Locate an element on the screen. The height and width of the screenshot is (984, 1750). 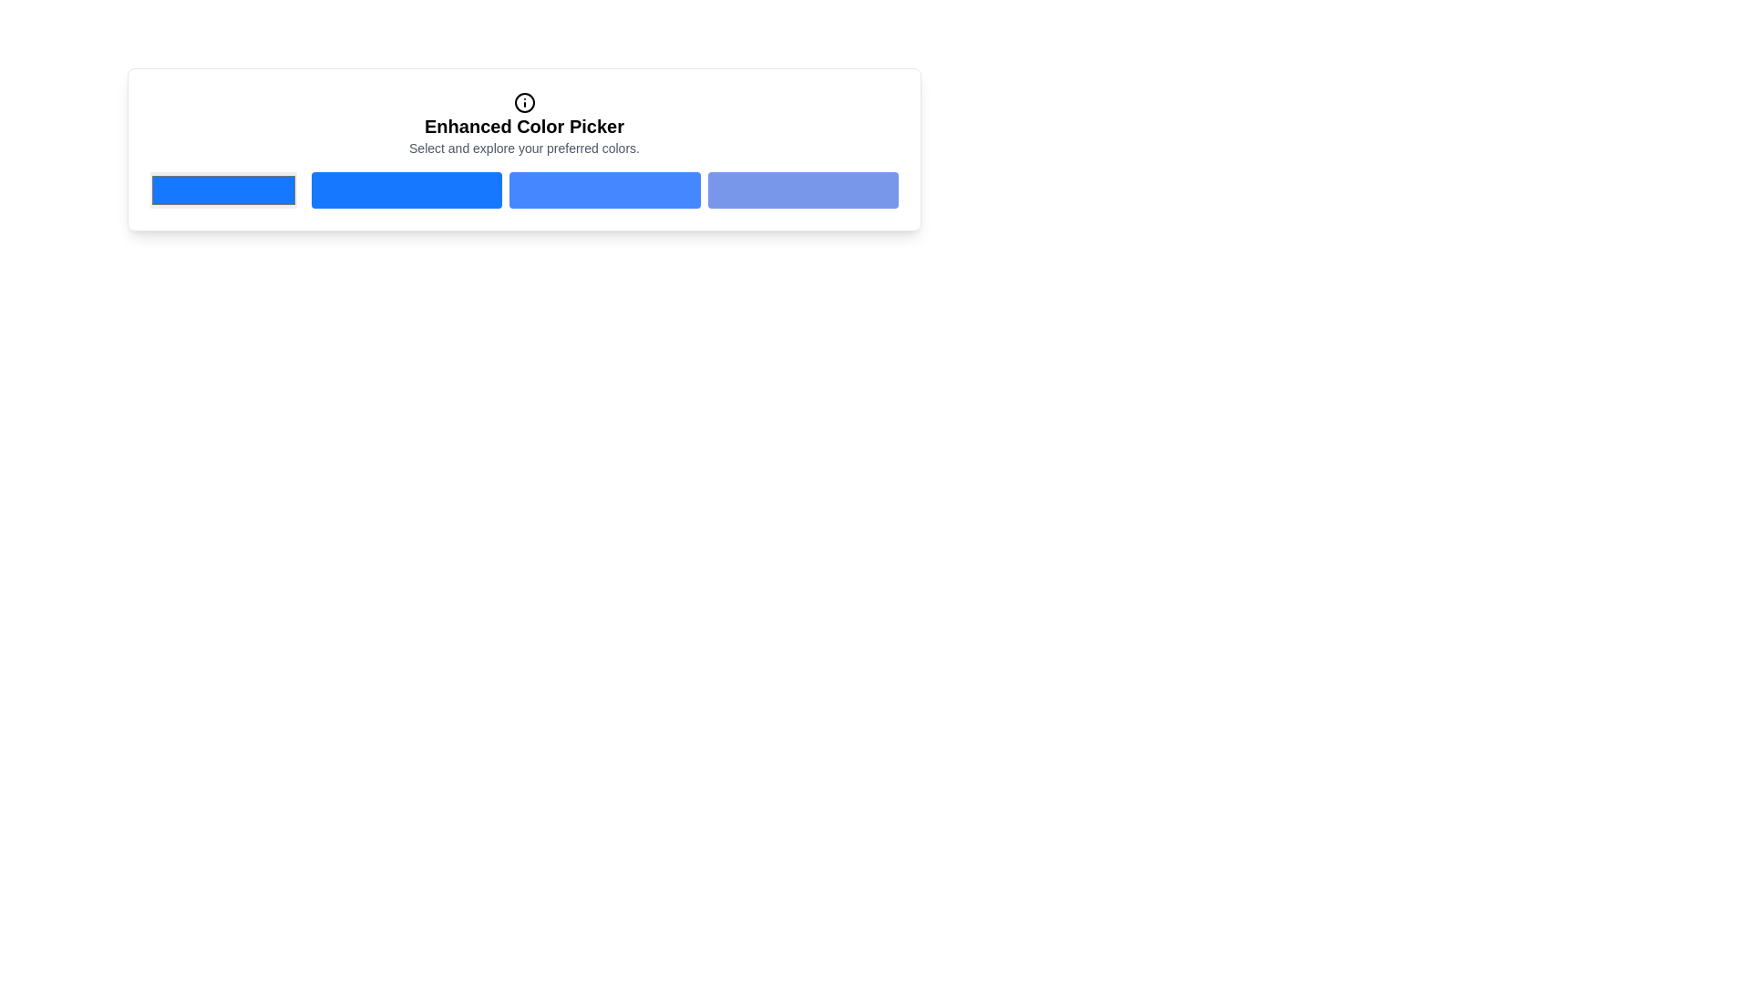
the 'info' icon represented by a circular outline with an 'i' symbol, located above the 'Enhanced Color Picker' heading is located at coordinates (523, 102).